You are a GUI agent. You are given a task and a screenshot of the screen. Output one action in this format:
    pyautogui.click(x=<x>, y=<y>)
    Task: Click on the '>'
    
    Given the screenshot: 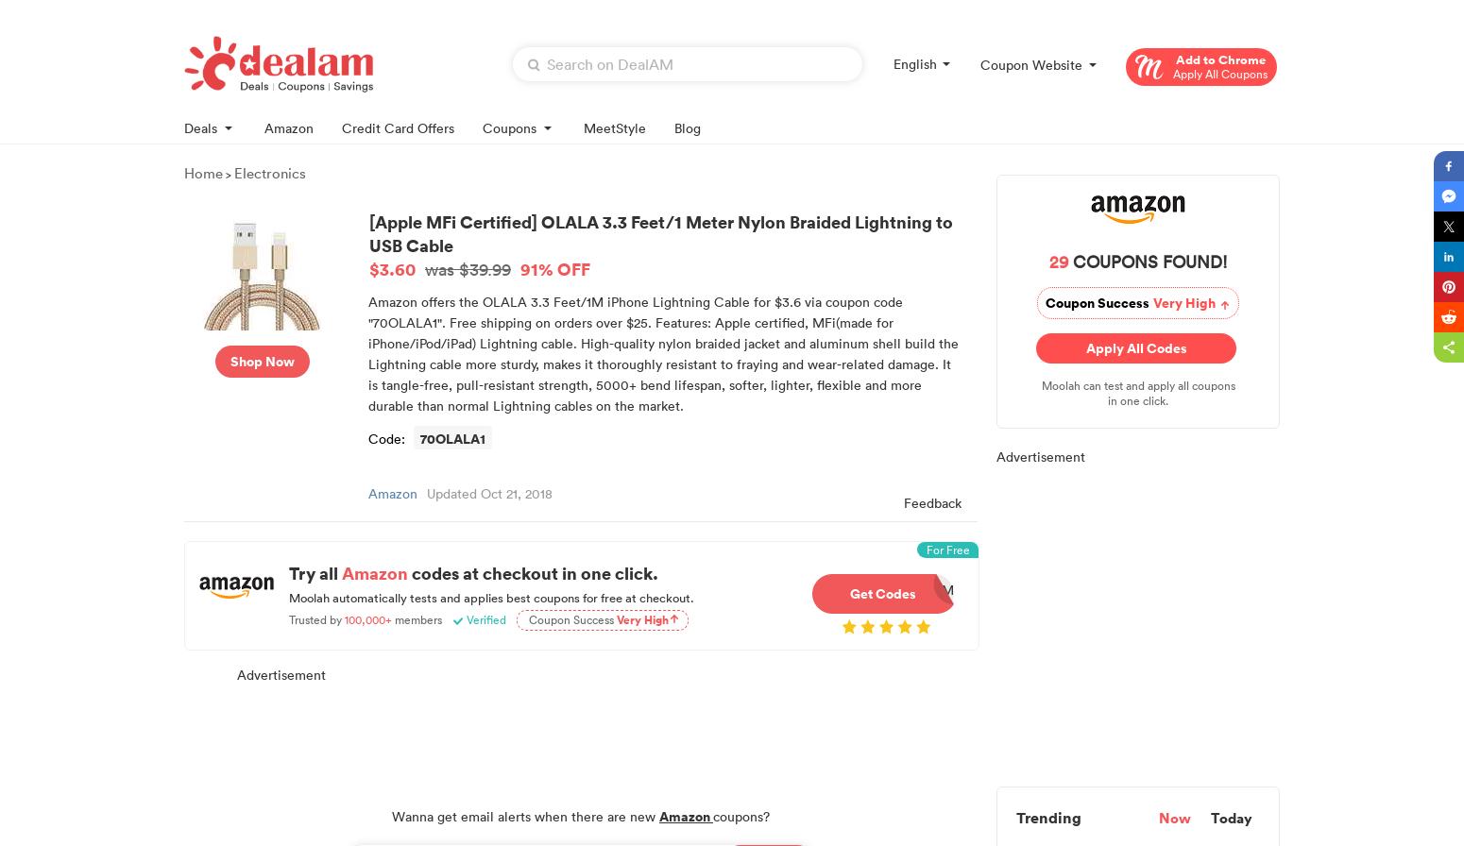 What is the action you would take?
    pyautogui.click(x=230, y=174)
    